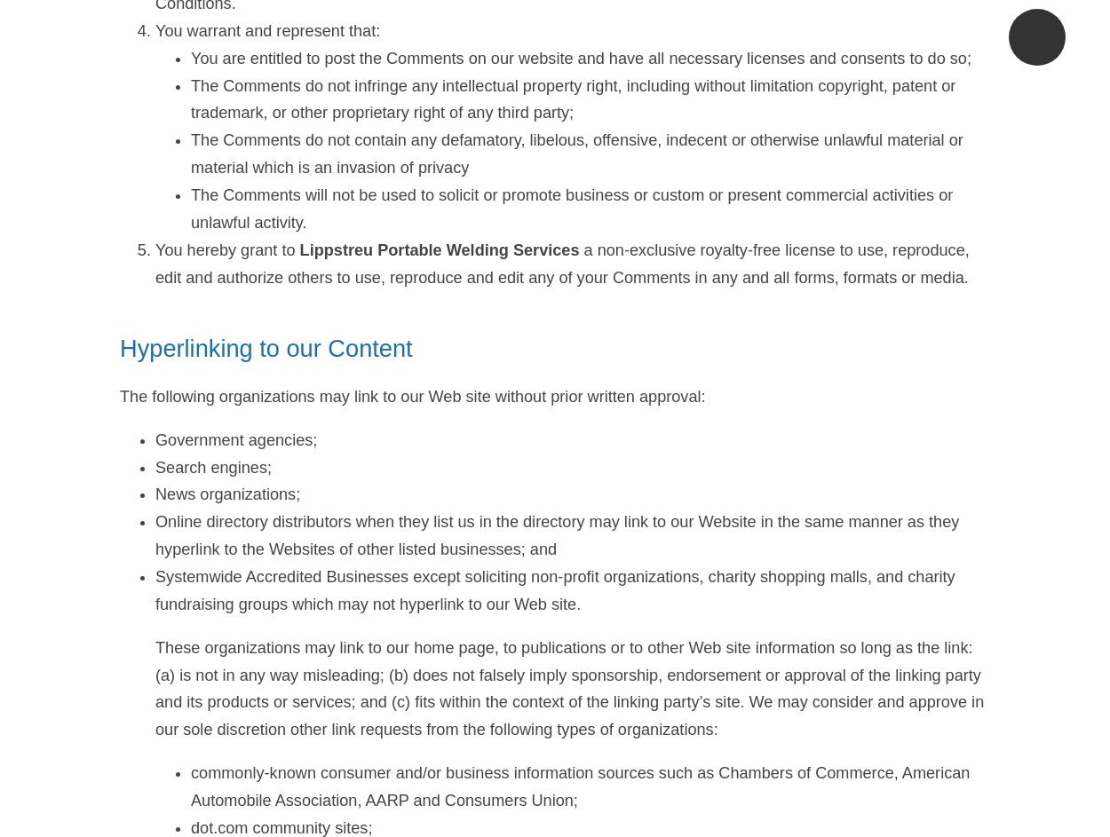 The height and width of the screenshot is (837, 1110). Describe the element at coordinates (581, 56) in the screenshot. I see `'You are entitled to post the Comments on our website and have all necessary licenses and consents to do so;'` at that location.